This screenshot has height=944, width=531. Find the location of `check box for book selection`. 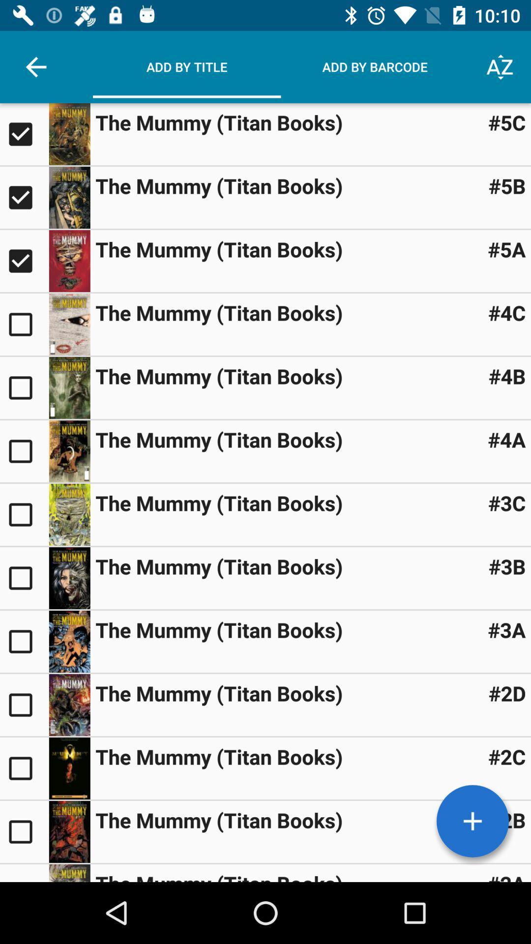

check box for book selection is located at coordinates (24, 261).